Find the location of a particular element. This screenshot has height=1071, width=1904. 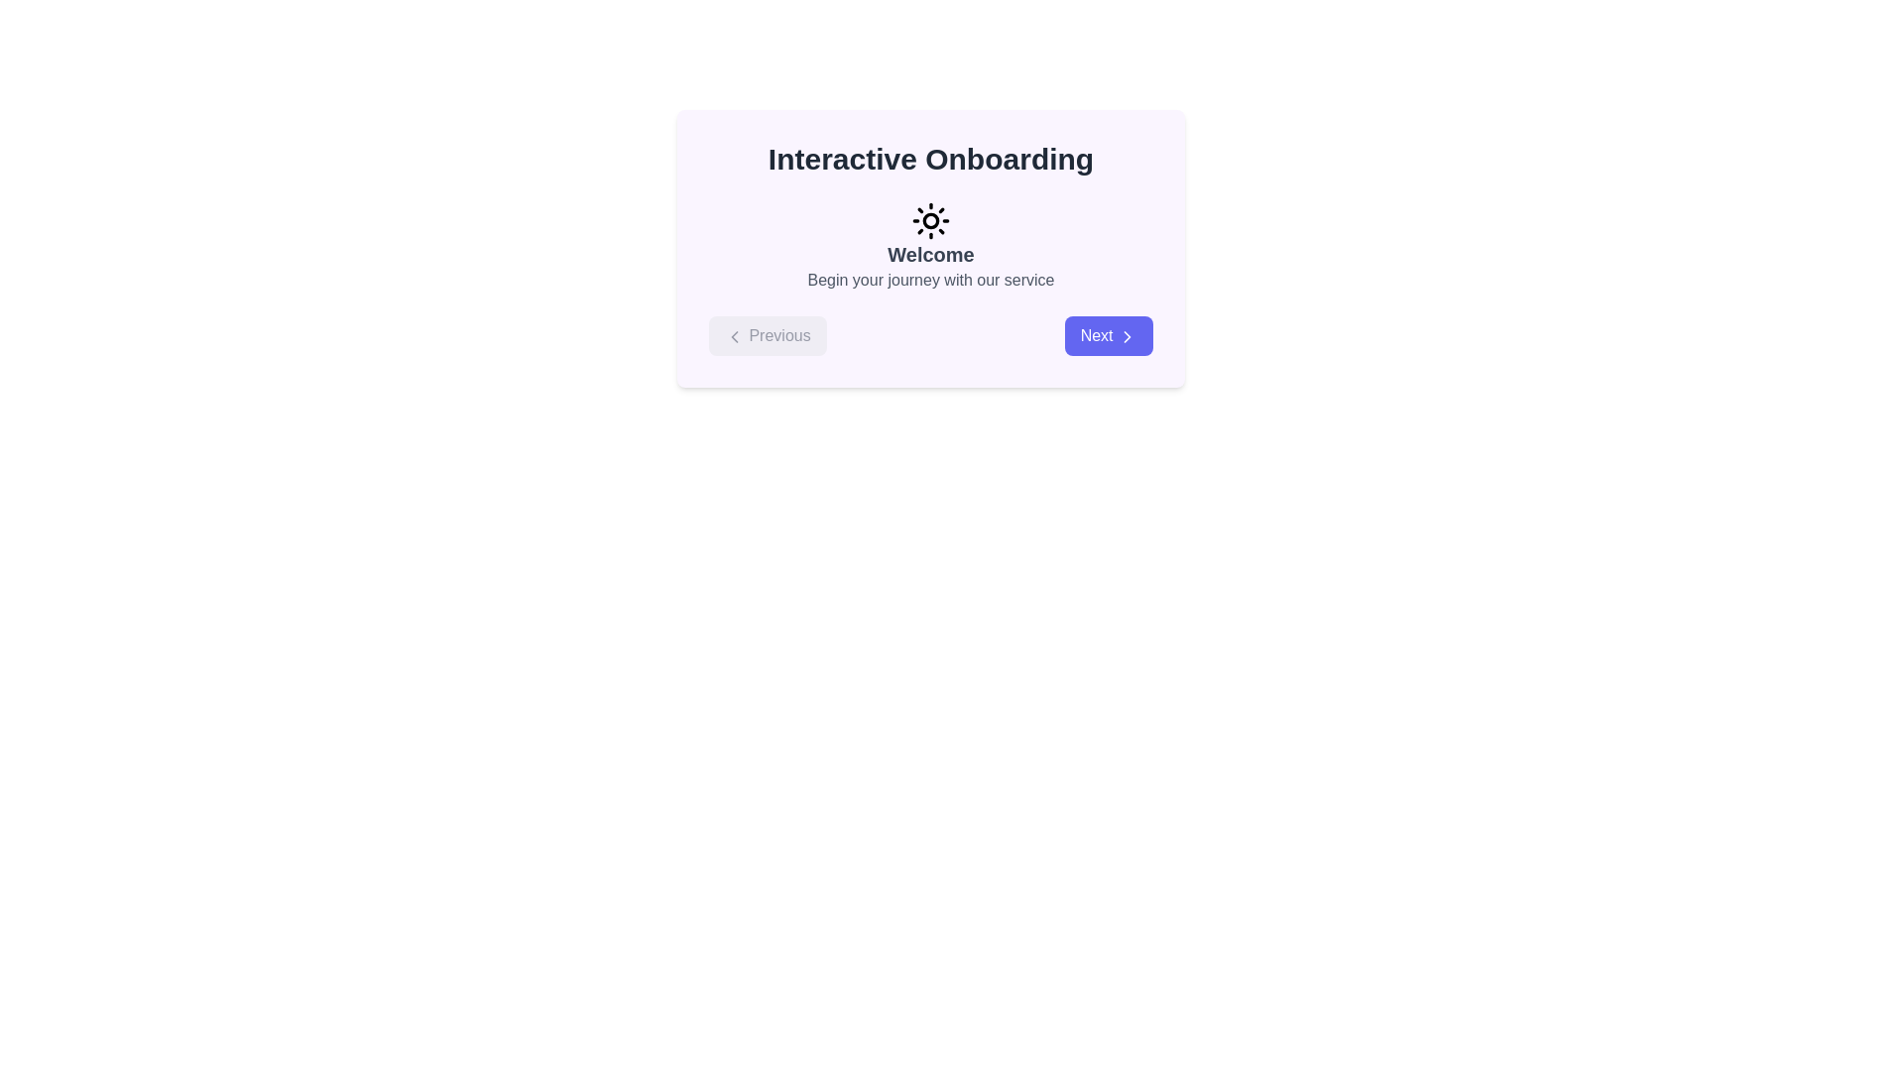

the static text element that provides additional context to the header 'Welcome', positioned directly underneath it within the 'Interactive Onboarding' box is located at coordinates (930, 280).